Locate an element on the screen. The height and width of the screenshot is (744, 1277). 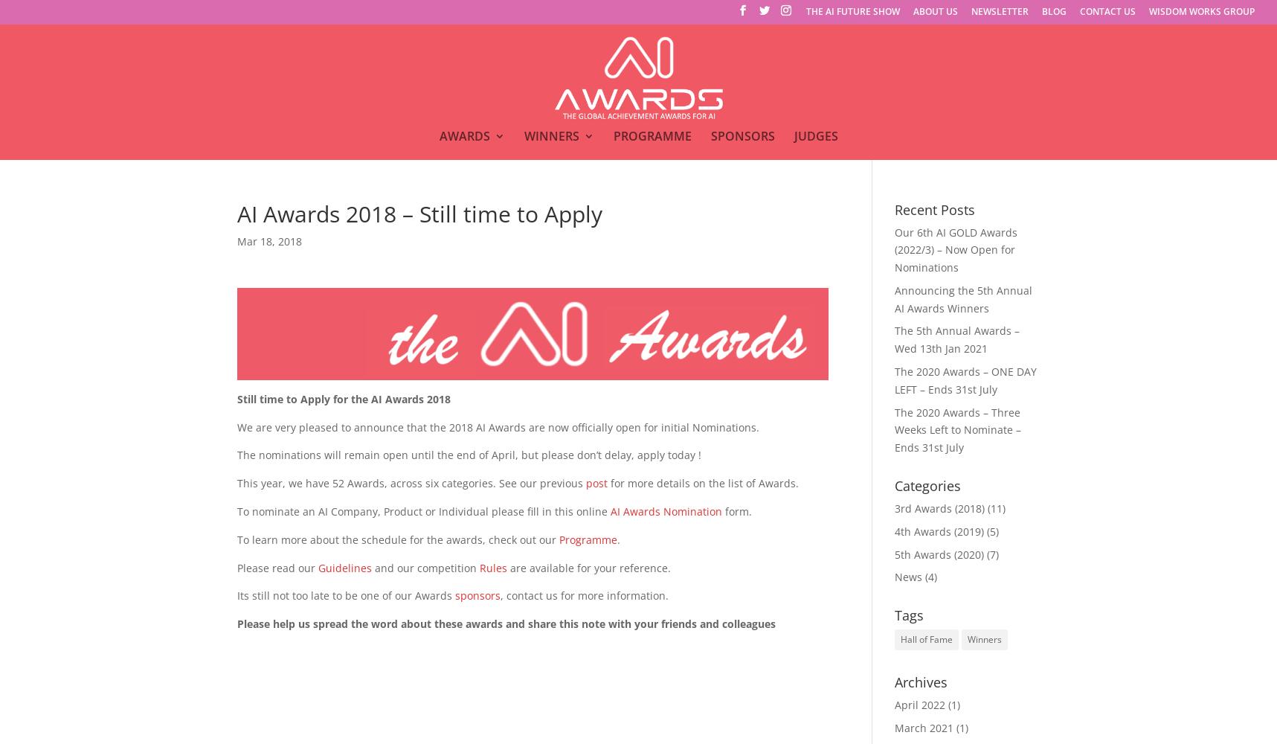
'.' is located at coordinates (617, 538).